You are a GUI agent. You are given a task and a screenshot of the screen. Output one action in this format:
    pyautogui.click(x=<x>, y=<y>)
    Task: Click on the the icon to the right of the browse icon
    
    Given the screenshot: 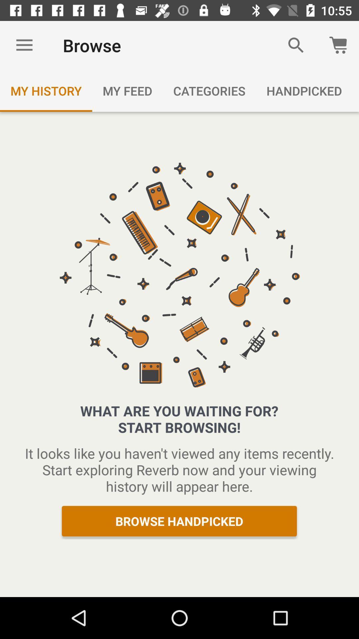 What is the action you would take?
    pyautogui.click(x=296, y=45)
    